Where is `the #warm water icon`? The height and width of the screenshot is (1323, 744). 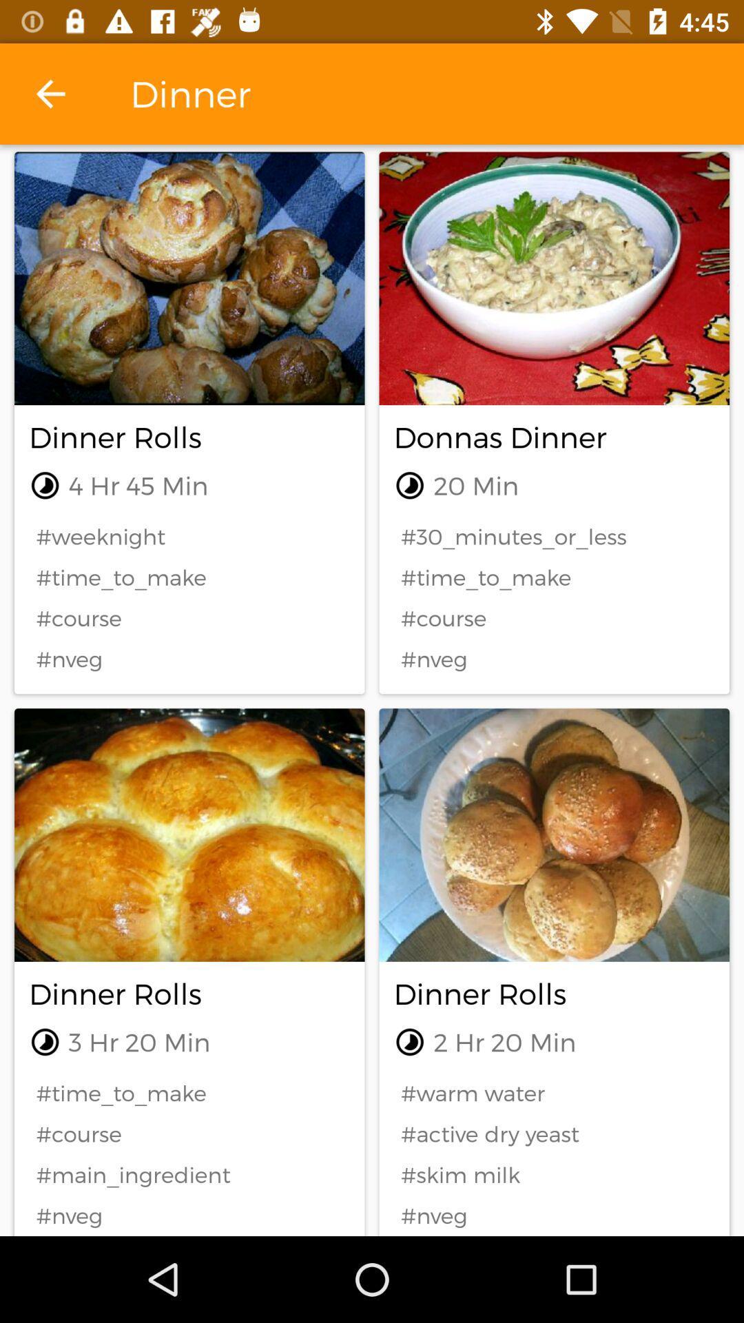
the #warm water icon is located at coordinates (553, 1092).